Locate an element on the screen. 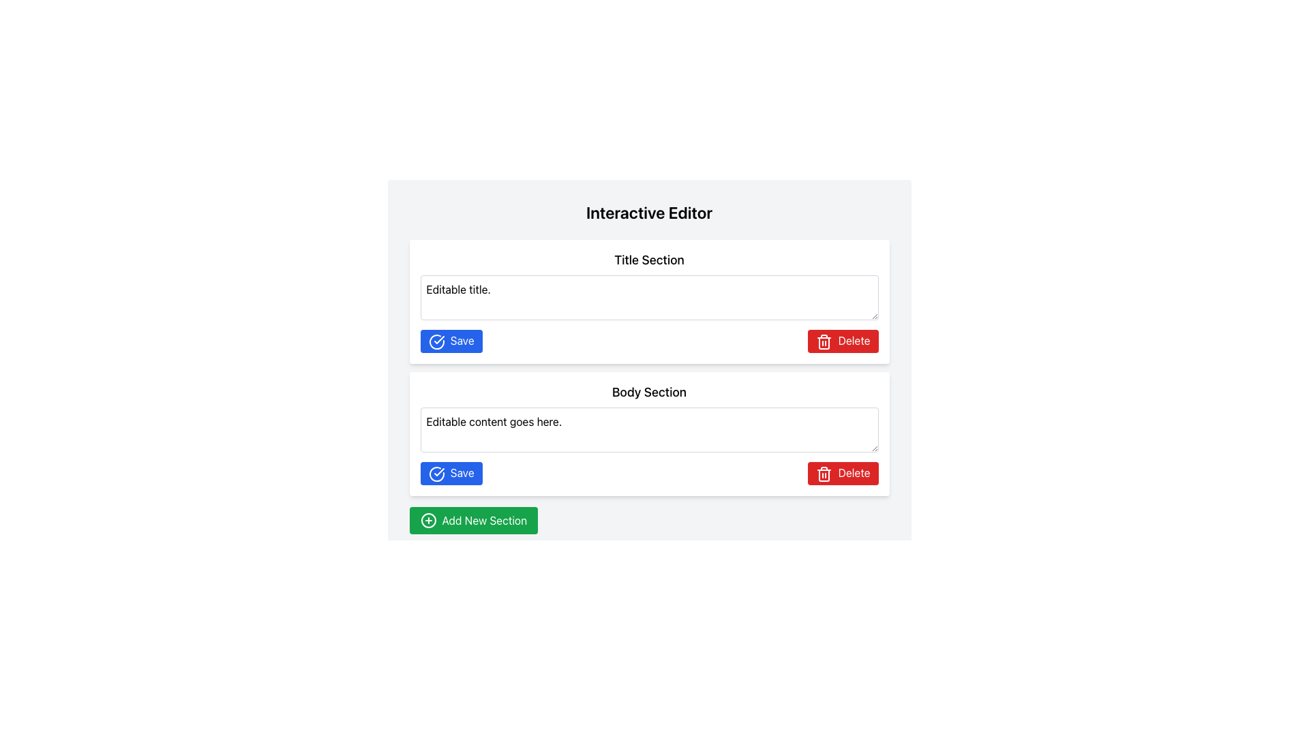 This screenshot has height=736, width=1309. the 'Save' icon located inside the blue button to the left of the label text is located at coordinates (436, 341).